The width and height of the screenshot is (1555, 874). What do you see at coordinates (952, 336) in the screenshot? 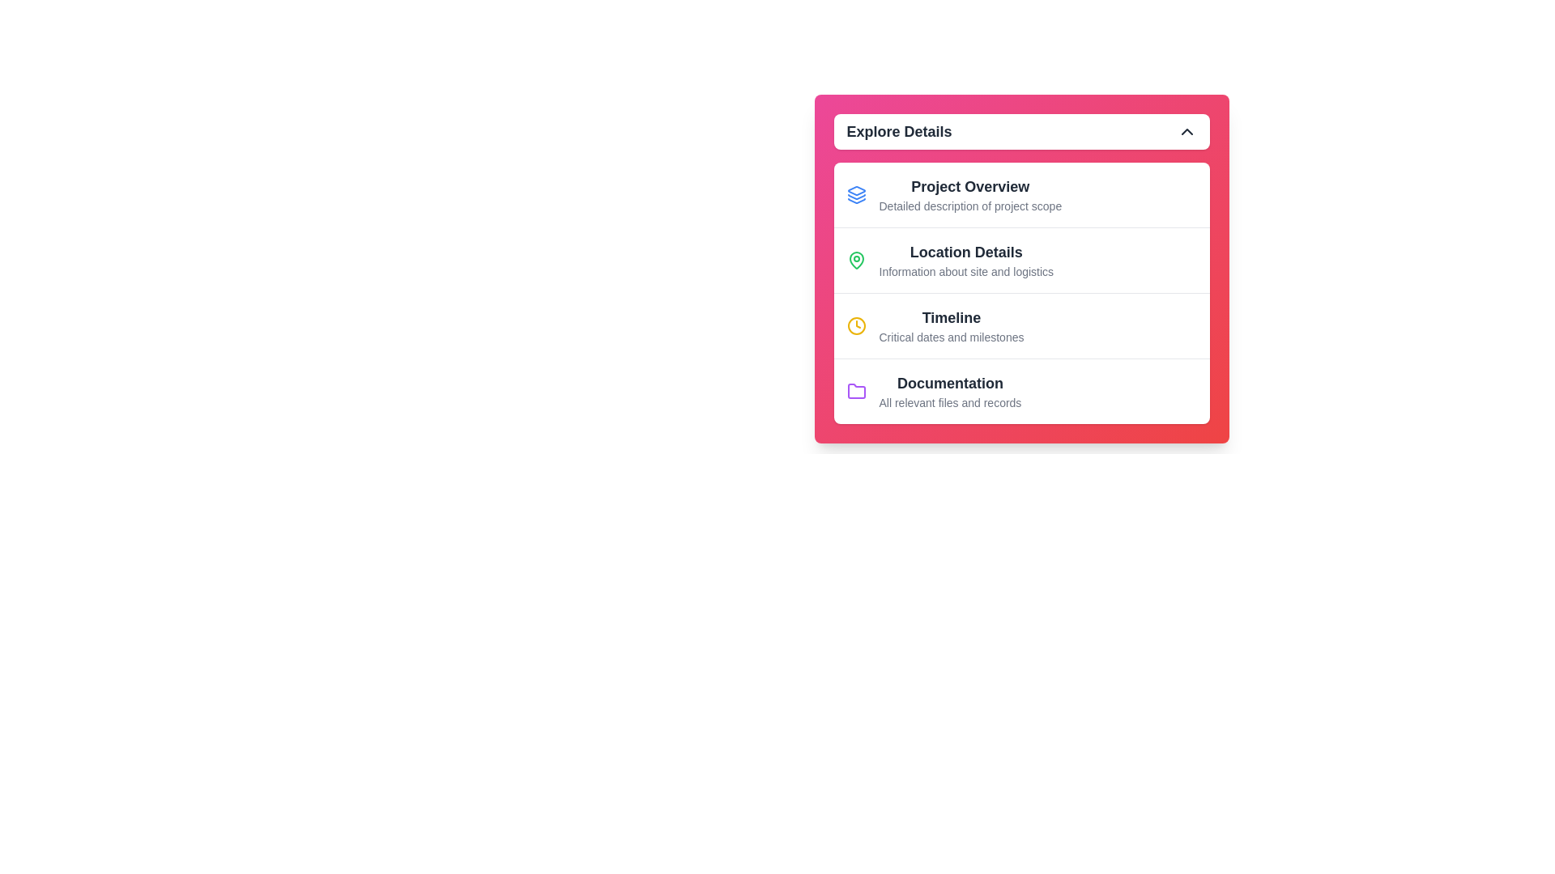
I see `text label displaying 'Critical dates and milestones' located beneath the 'Timeline' header in the menu interface` at bounding box center [952, 336].